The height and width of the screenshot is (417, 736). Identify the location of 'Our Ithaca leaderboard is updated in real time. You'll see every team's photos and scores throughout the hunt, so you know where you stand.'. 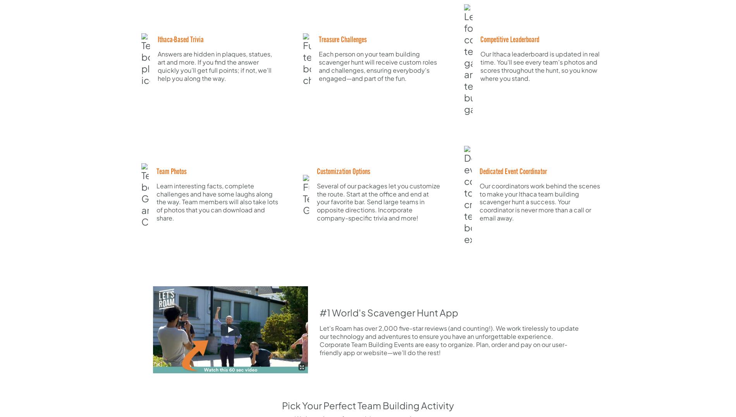
(539, 65).